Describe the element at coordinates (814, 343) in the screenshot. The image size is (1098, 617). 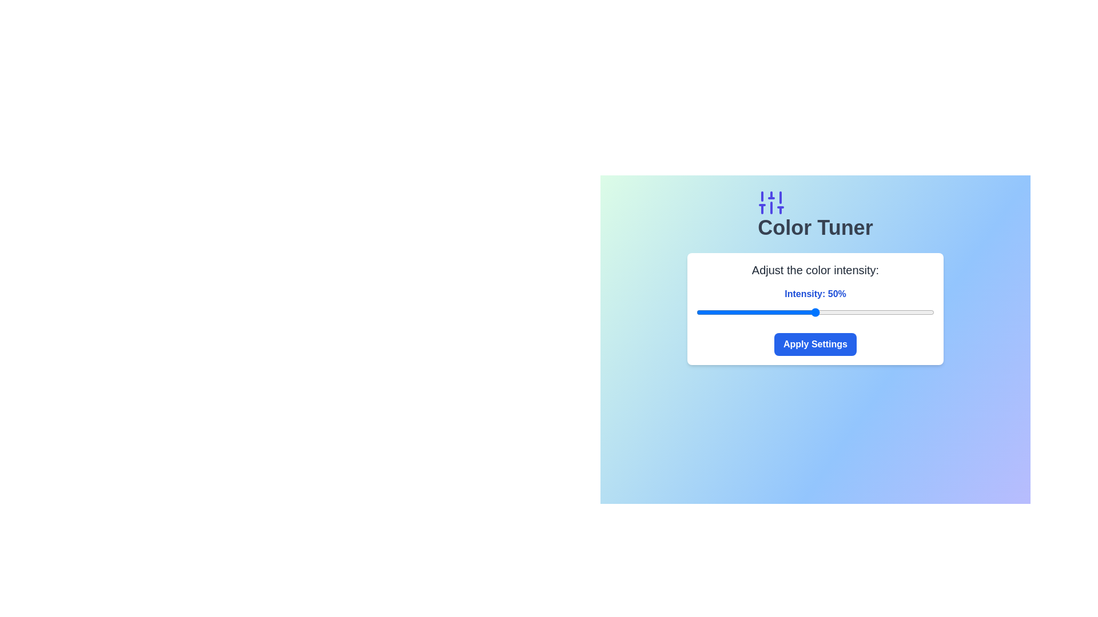
I see `the 'Apply Settings' button` at that location.